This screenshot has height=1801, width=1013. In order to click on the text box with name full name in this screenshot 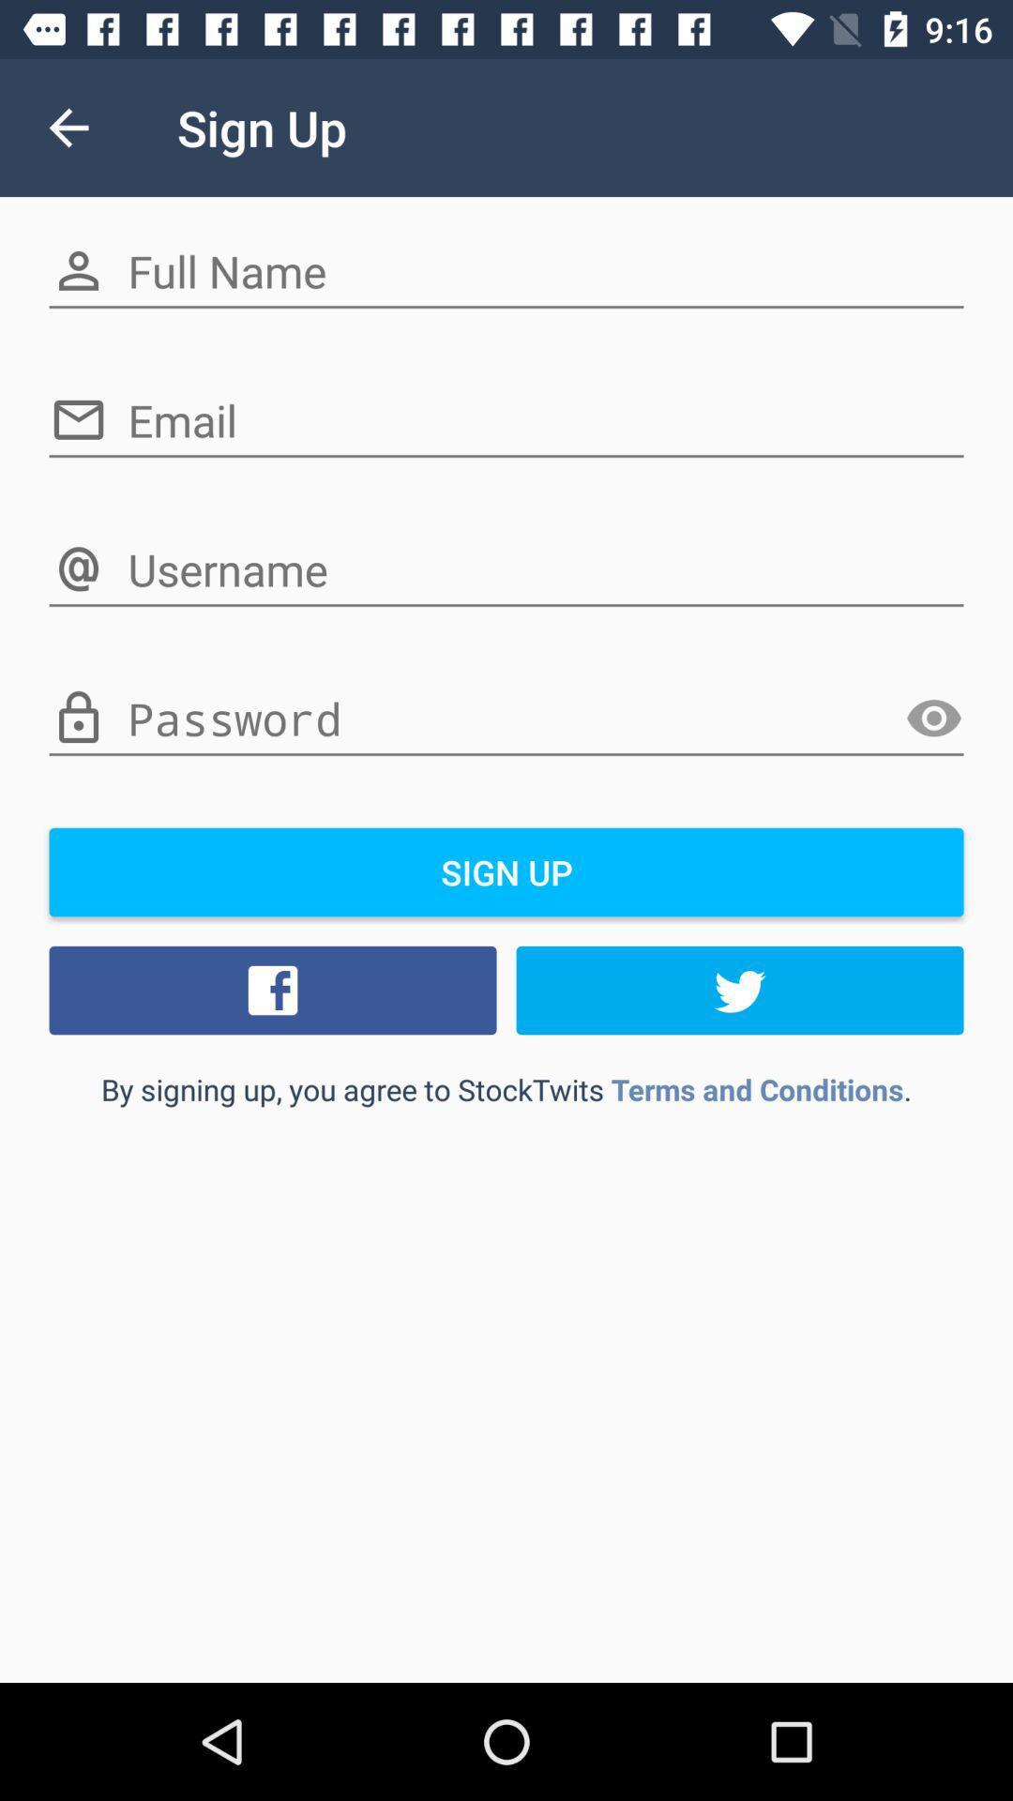, I will do `click(506, 271)`.